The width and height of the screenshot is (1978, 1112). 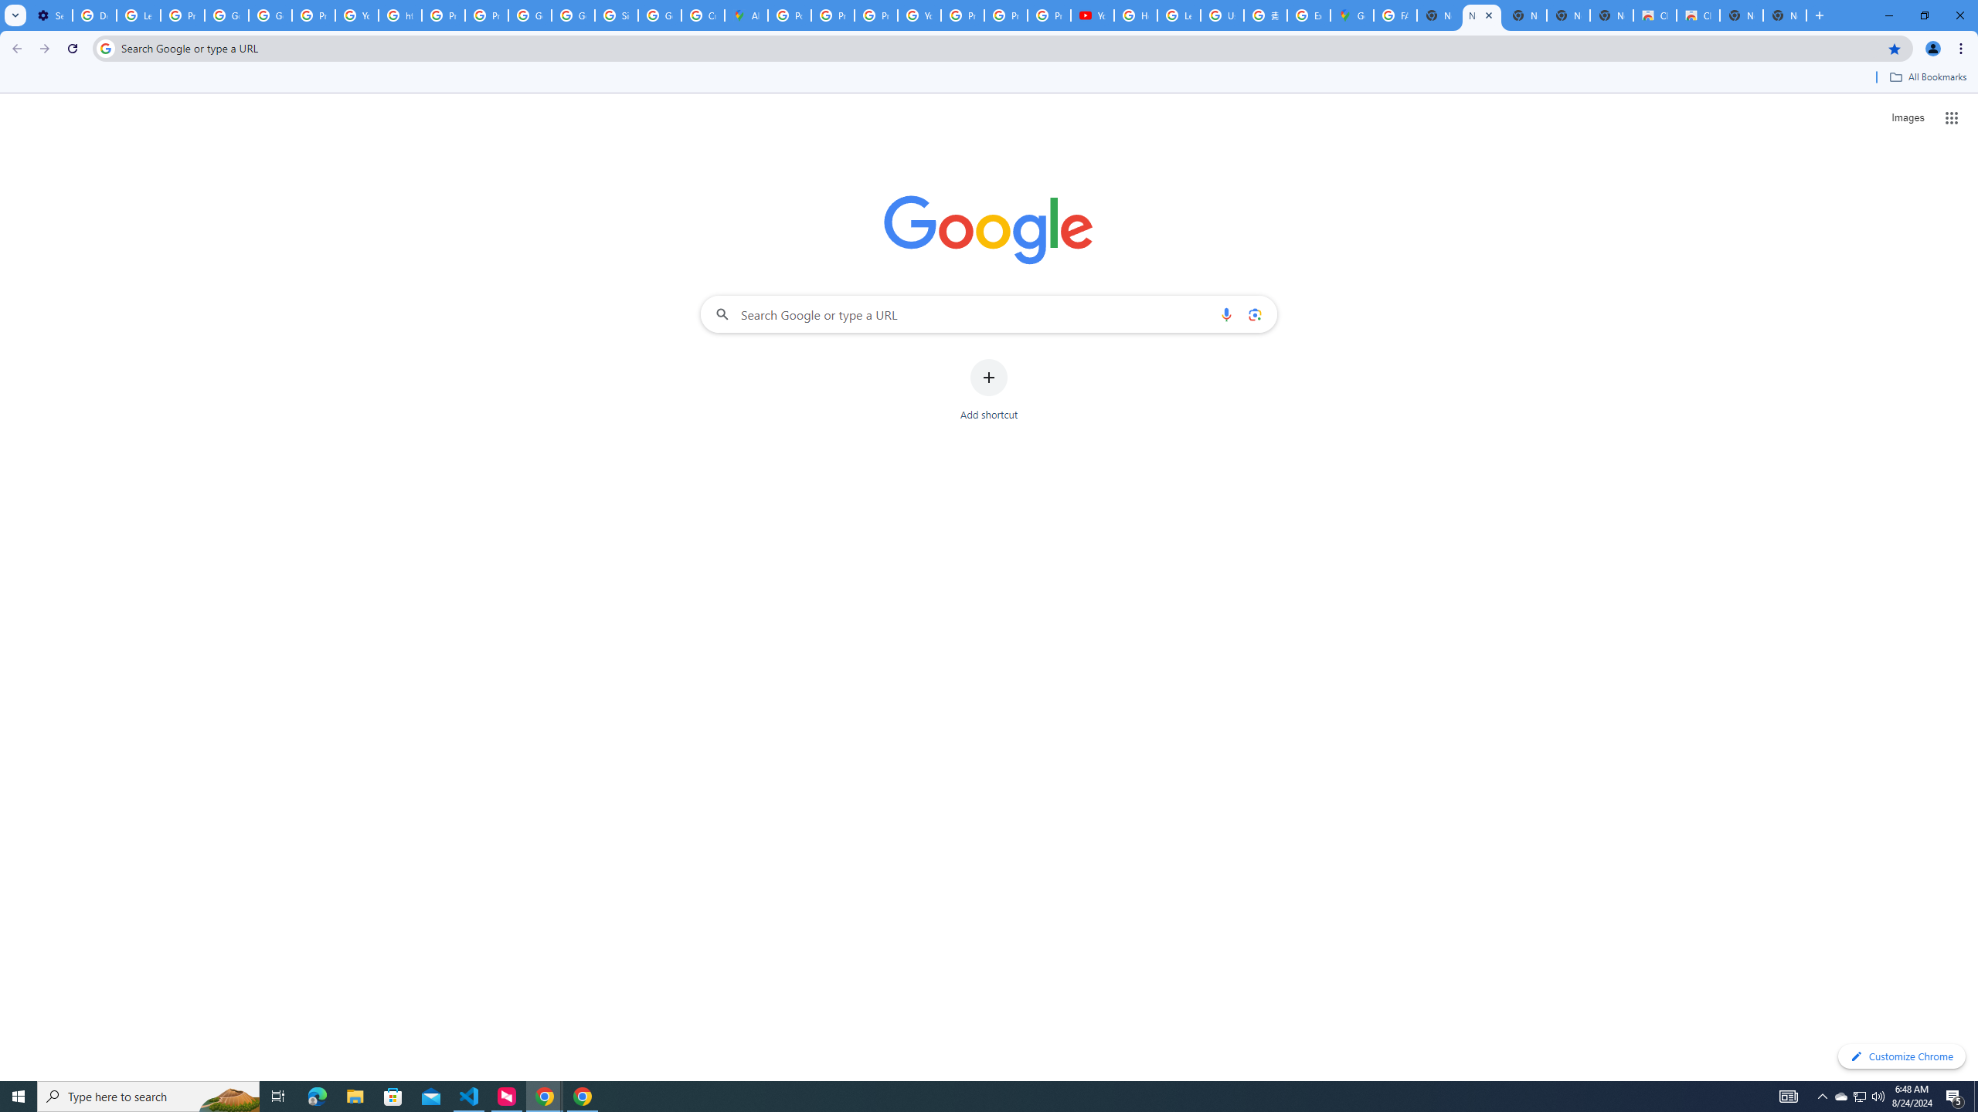 I want to click on 'Classic Blue - Chrome Web Store', so click(x=1653, y=15).